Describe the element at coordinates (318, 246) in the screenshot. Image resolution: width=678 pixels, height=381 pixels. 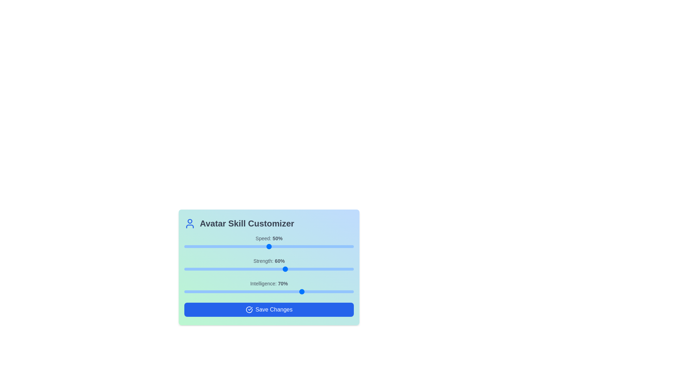
I see `the speed` at that location.